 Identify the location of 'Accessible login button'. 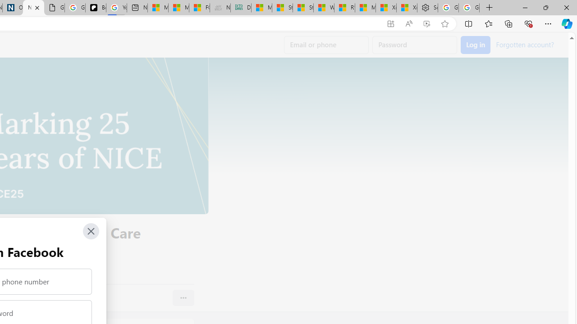
(475, 45).